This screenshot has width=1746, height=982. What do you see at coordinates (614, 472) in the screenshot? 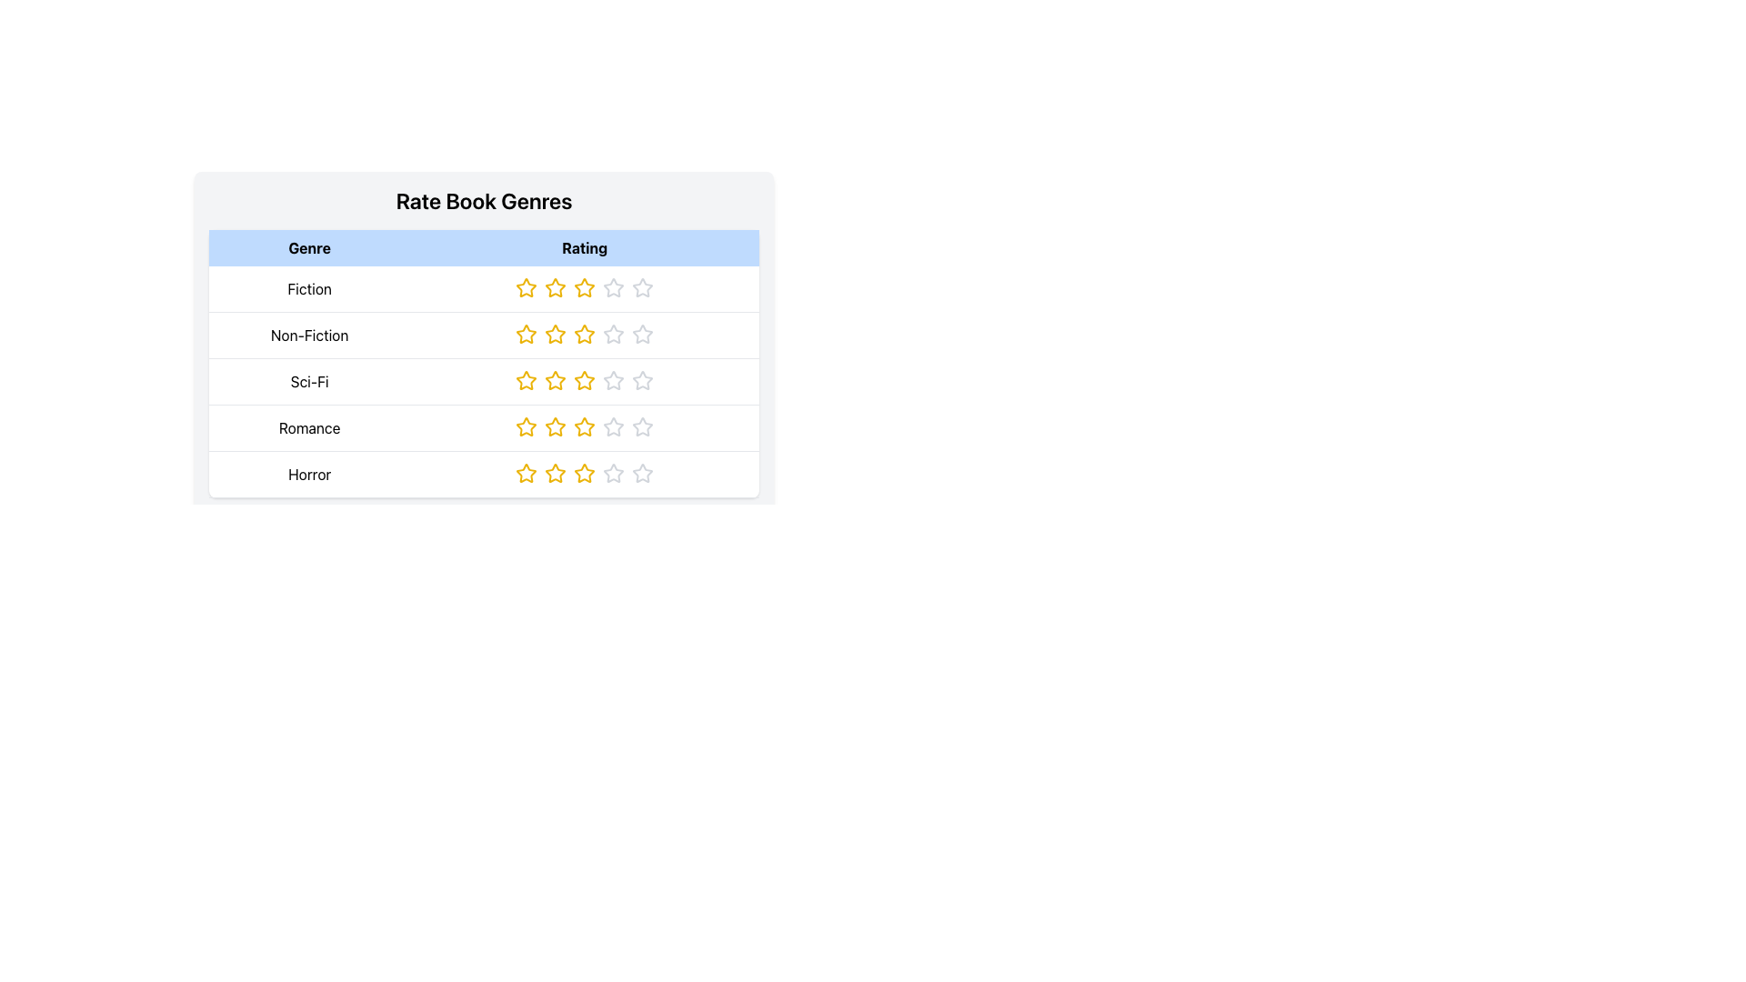
I see `the fourth star rating icon in the 'Rating' column of the last row labeled 'Horror' to provide a rating` at bounding box center [614, 472].